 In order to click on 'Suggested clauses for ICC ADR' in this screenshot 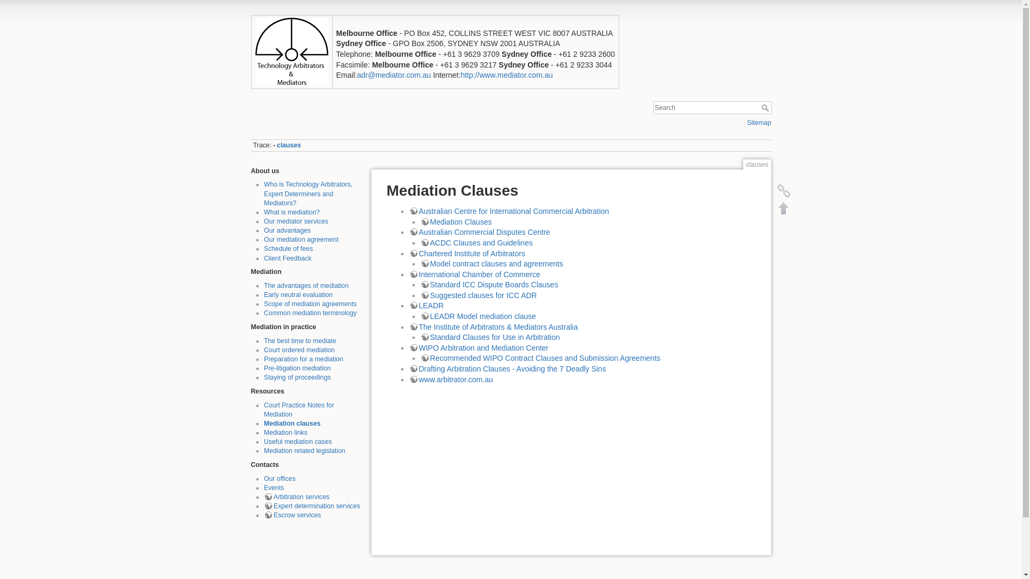, I will do `click(478, 295)`.